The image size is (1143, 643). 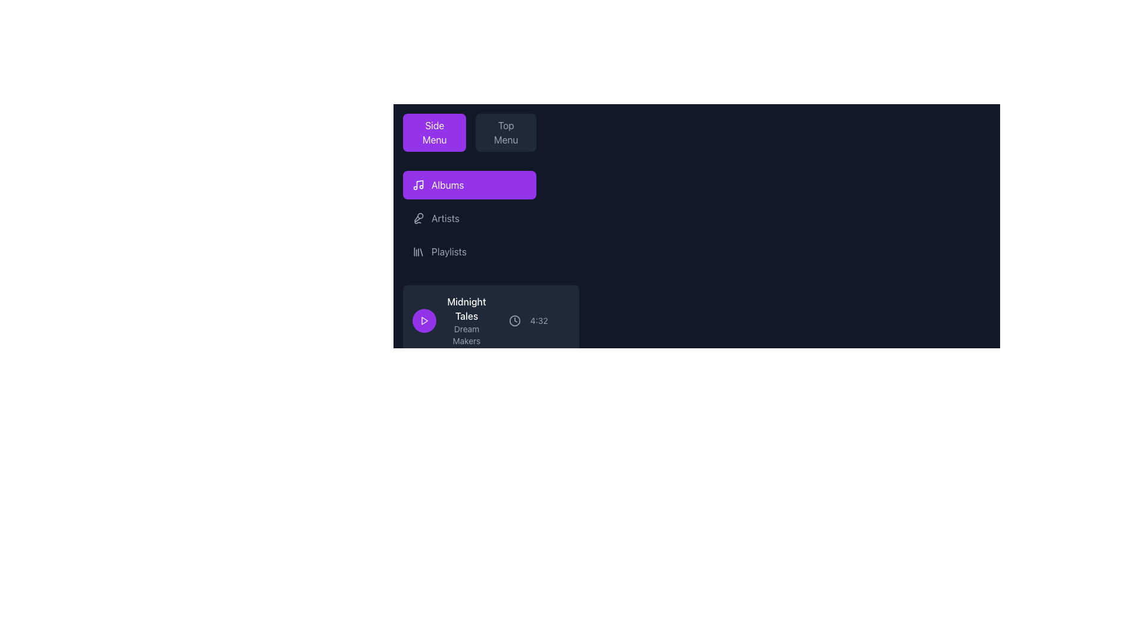 I want to click on information from the static text label indicating the creators or contributors related to the 'Midnight Tales' audio track, which is positioned below the play button and to the left of the time display '4:32', so click(x=466, y=335).